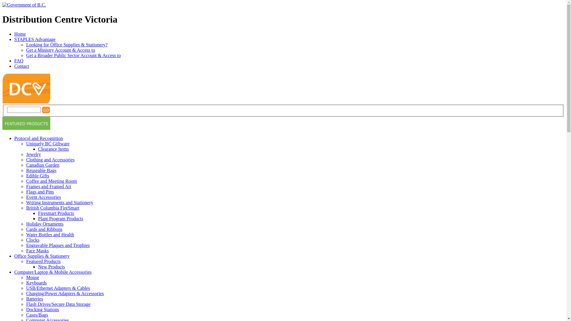 This screenshot has height=321, width=571. I want to click on 'Featured Products', so click(43, 261).